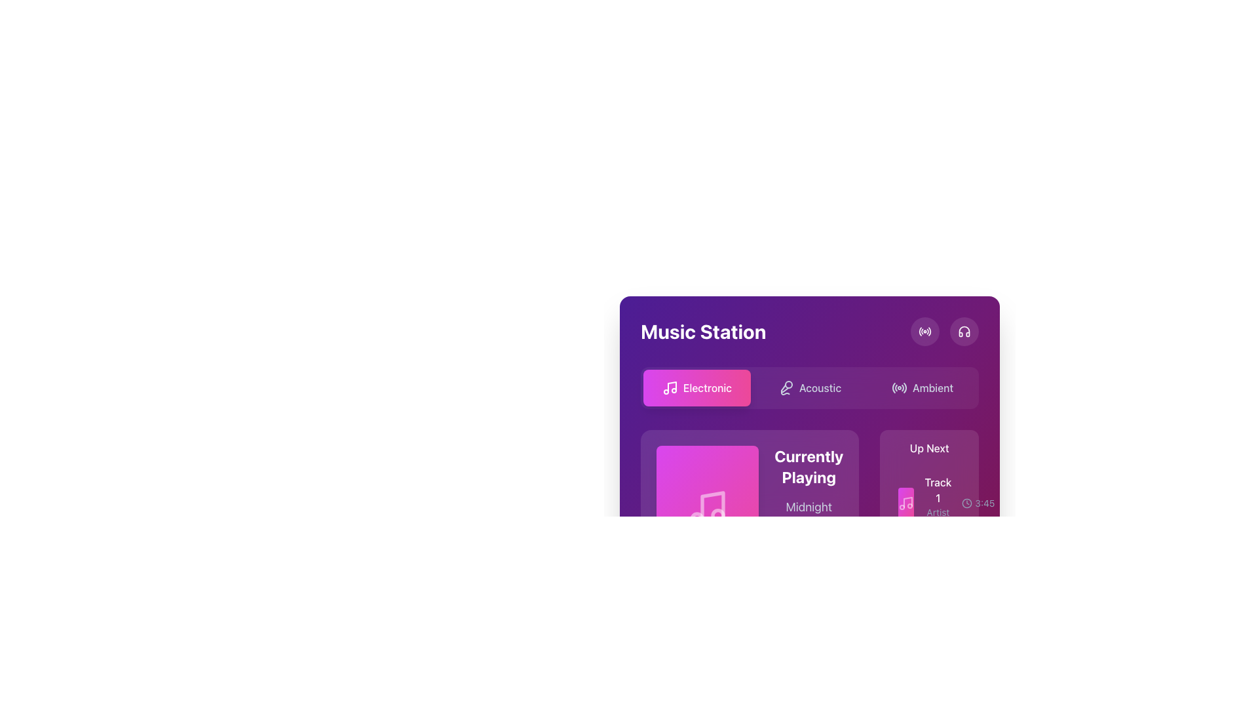 This screenshot has height=708, width=1258. Describe the element at coordinates (921, 387) in the screenshot. I see `the 'Ambient' button, which is the third button in a sequence of three` at that location.